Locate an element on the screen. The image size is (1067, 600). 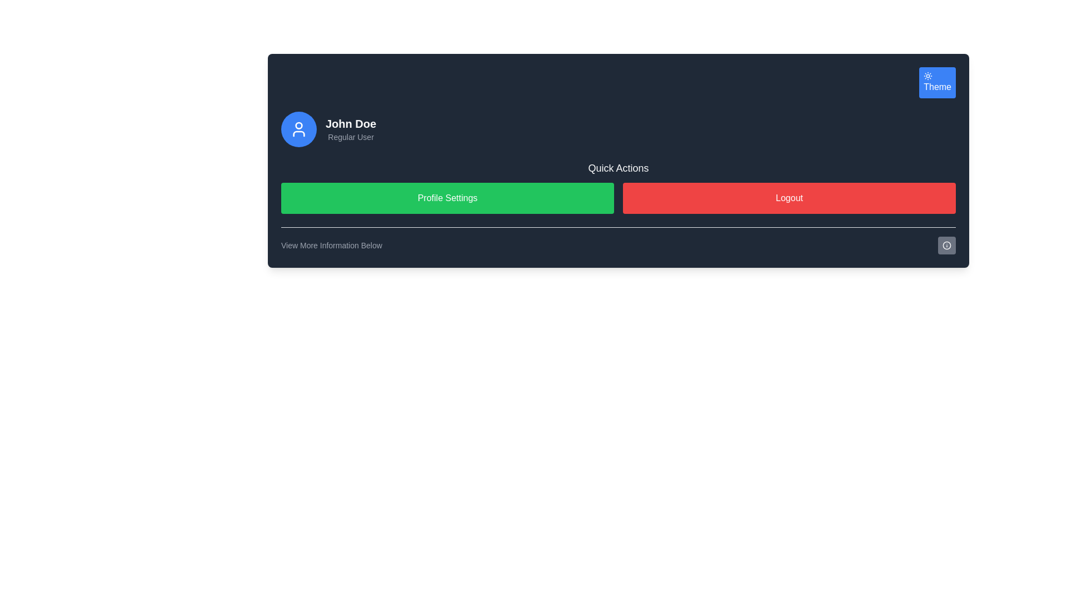
the circular profile icon representing the user's head, located to the left of the text 'John Doe' and 'Regular User' is located at coordinates (298, 125).